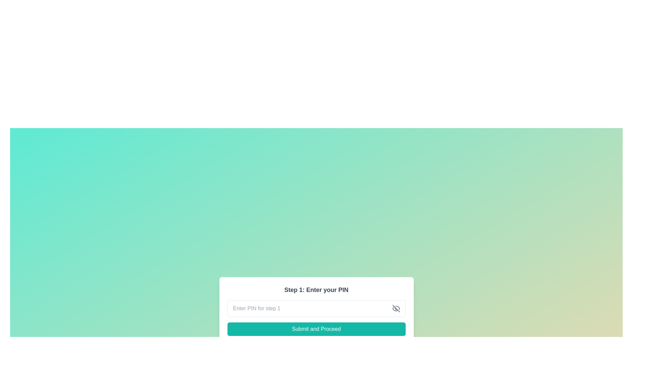 This screenshot has width=648, height=365. Describe the element at coordinates (395, 309) in the screenshot. I see `the visibility toggle icon adjacent to the text input field for accessibility purposes` at that location.